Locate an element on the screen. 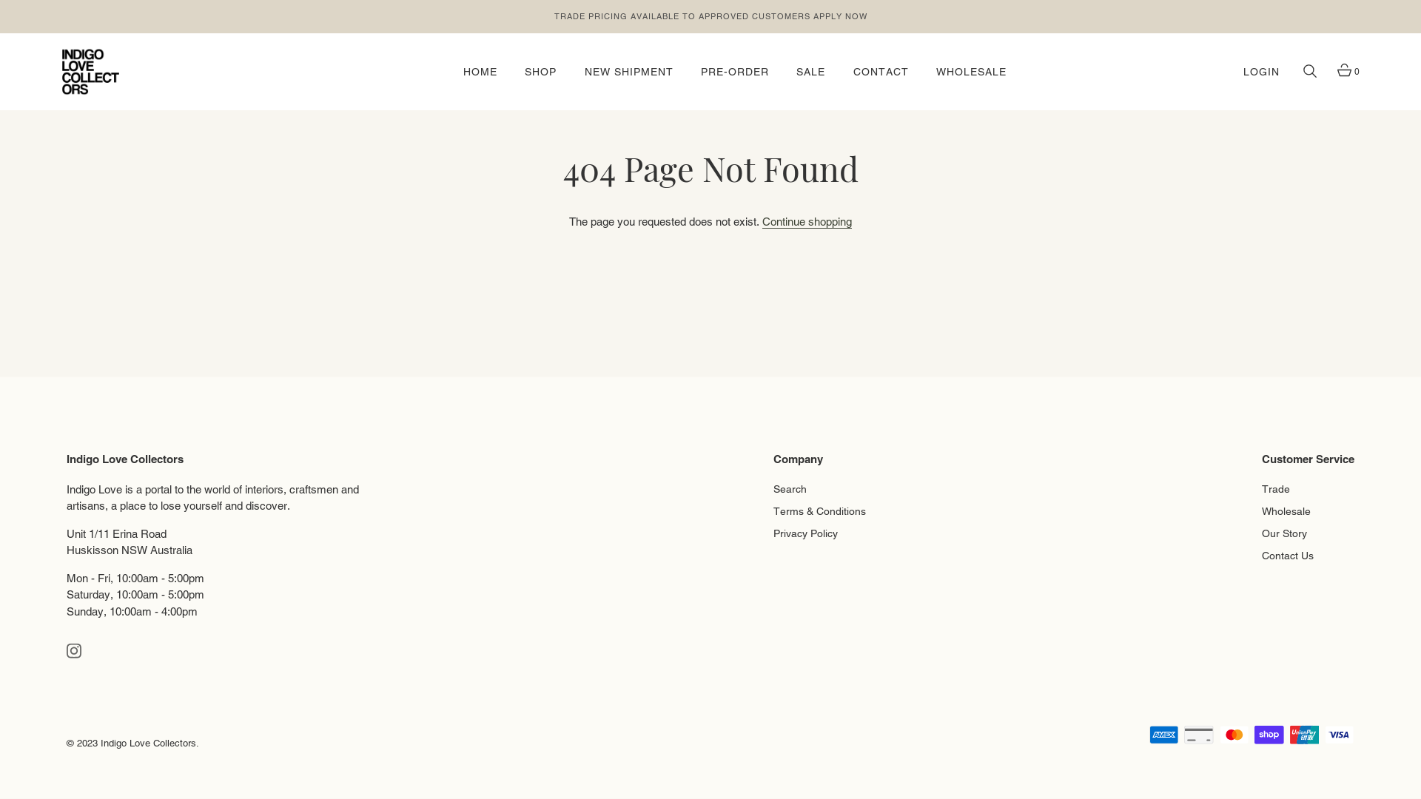 Image resolution: width=1421 pixels, height=799 pixels. 'Indigo Love Collectors' is located at coordinates (148, 742).